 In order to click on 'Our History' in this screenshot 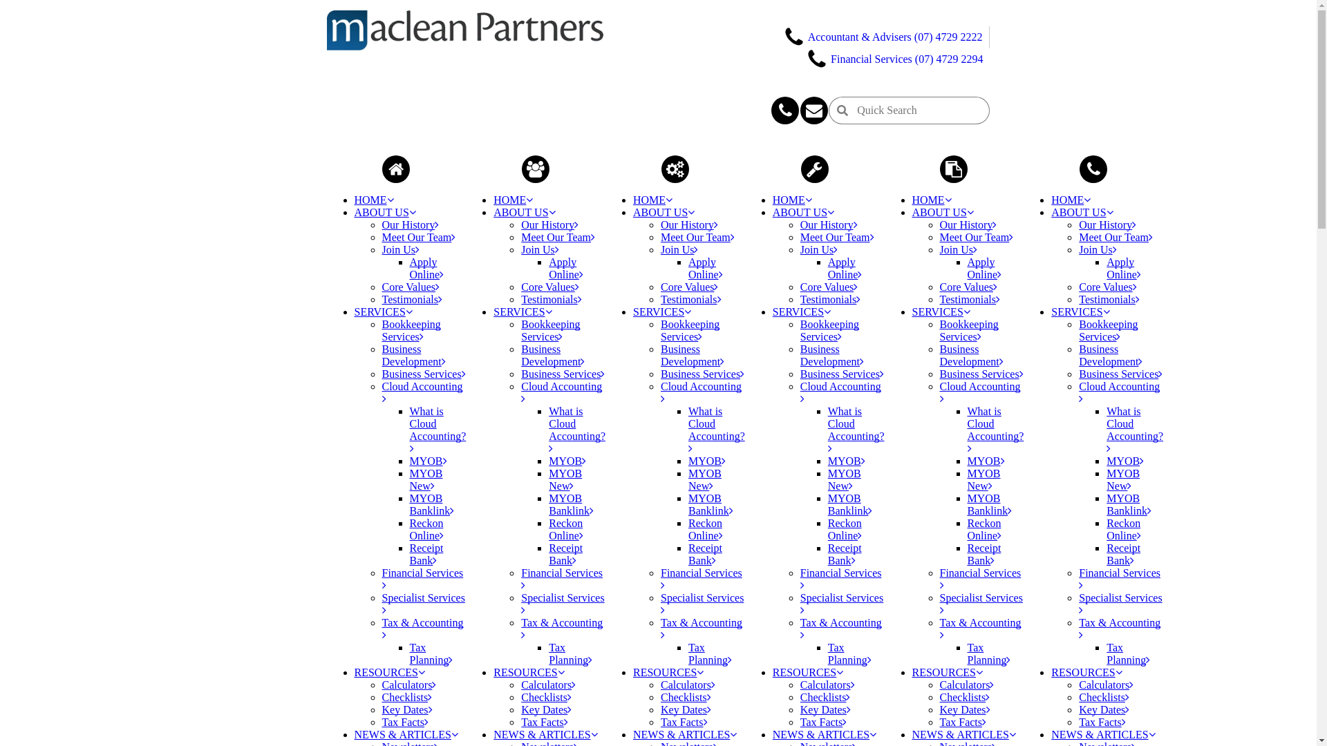, I will do `click(689, 224)`.